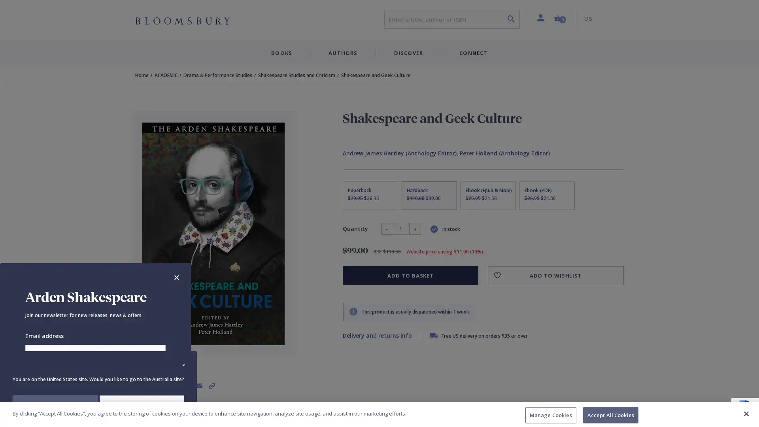  Describe the element at coordinates (386, 229) in the screenshot. I see `-` at that location.